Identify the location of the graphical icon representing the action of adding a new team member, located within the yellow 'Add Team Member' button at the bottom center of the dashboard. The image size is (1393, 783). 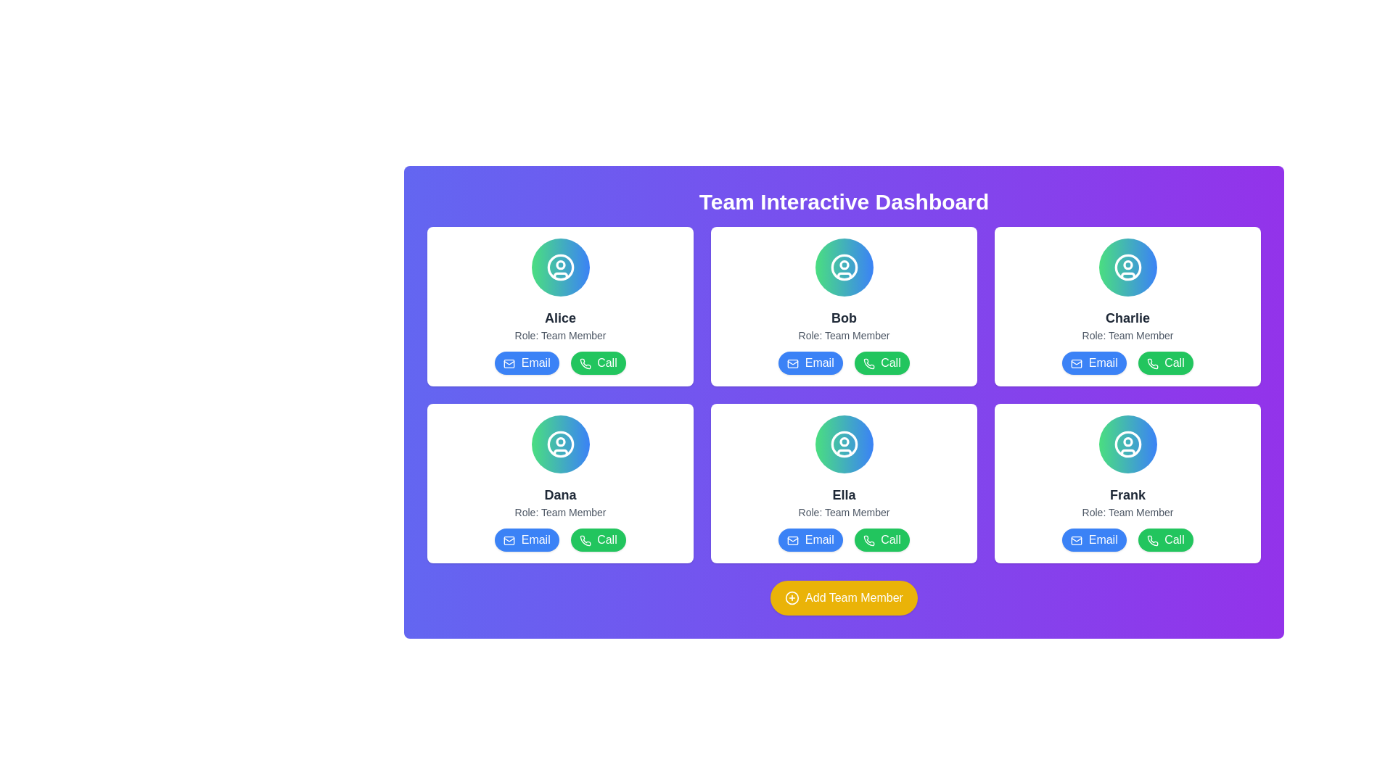
(792, 598).